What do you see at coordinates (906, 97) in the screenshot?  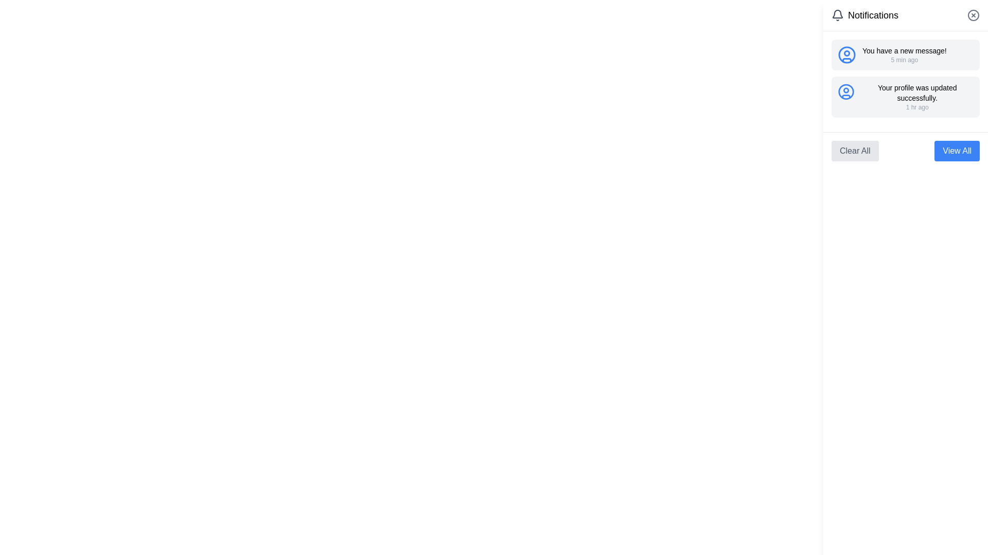 I see `the second notification item in the Notifications section` at bounding box center [906, 97].